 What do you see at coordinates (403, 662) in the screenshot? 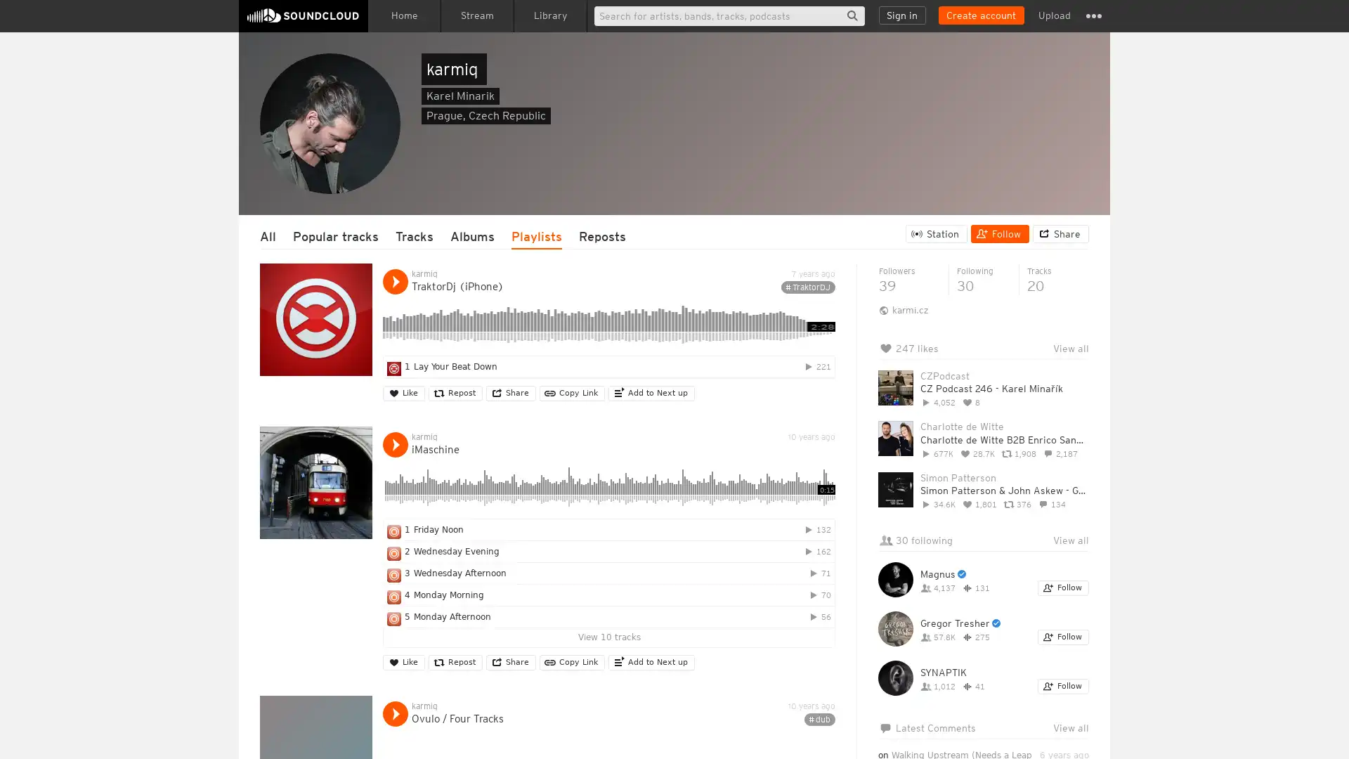
I see `Like` at bounding box center [403, 662].